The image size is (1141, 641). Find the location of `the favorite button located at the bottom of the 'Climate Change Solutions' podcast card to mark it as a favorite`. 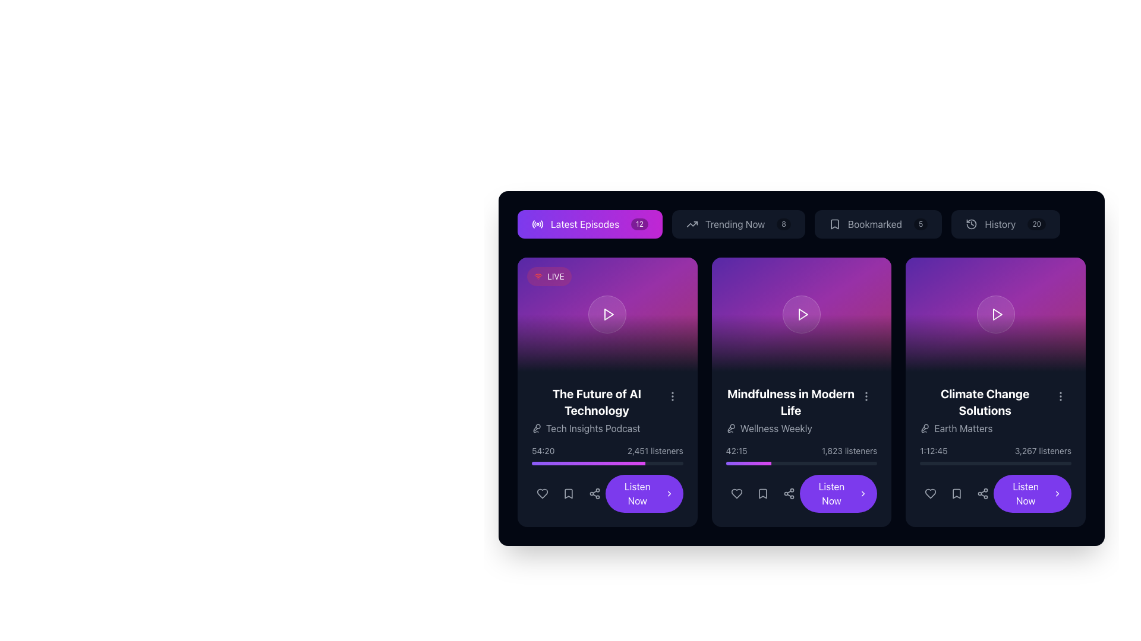

the favorite button located at the bottom of the 'Climate Change Solutions' podcast card to mark it as a favorite is located at coordinates (930, 494).